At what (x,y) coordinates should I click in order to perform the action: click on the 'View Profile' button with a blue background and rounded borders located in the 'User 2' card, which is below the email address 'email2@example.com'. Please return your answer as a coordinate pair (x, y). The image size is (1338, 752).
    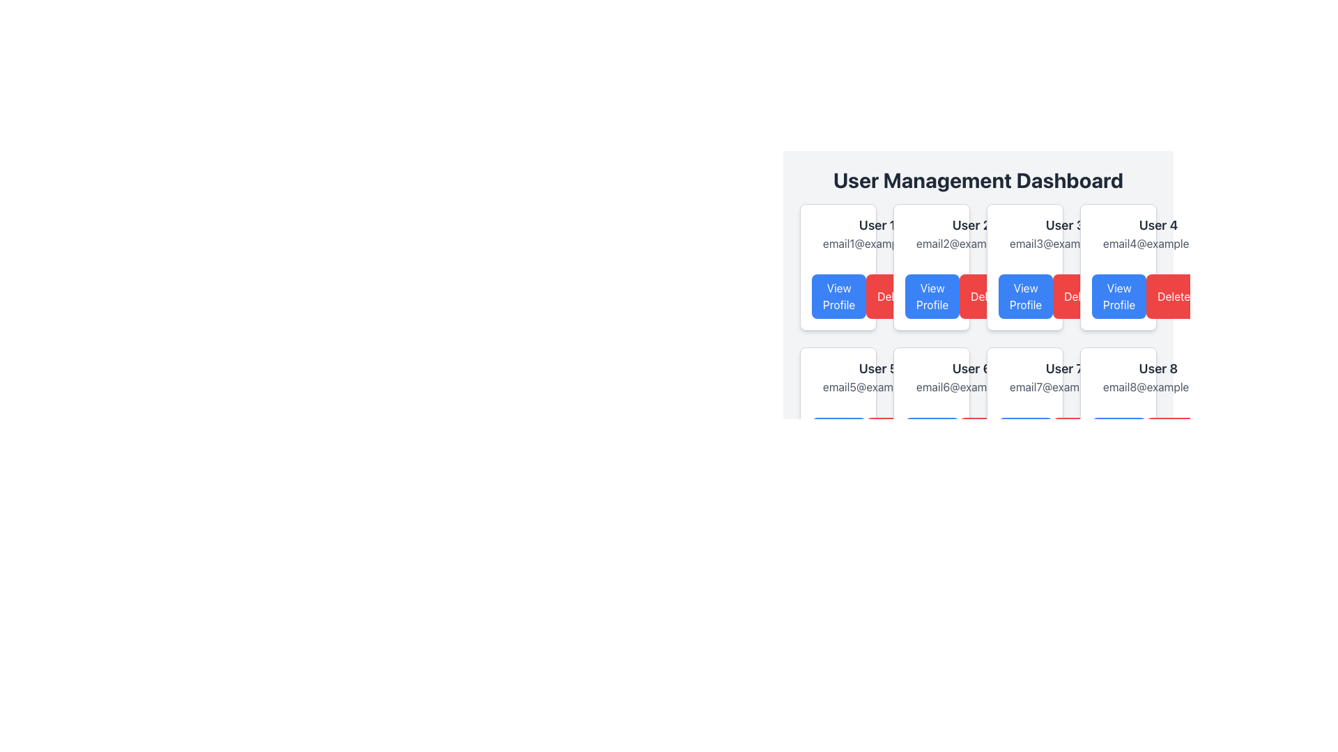
    Looking at the image, I should click on (932, 295).